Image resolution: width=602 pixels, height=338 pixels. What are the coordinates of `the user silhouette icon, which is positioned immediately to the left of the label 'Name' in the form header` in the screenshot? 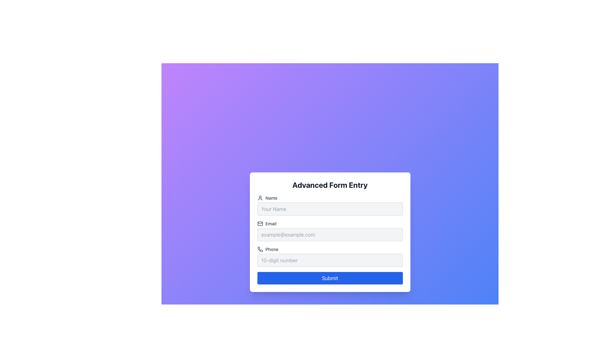 It's located at (260, 198).